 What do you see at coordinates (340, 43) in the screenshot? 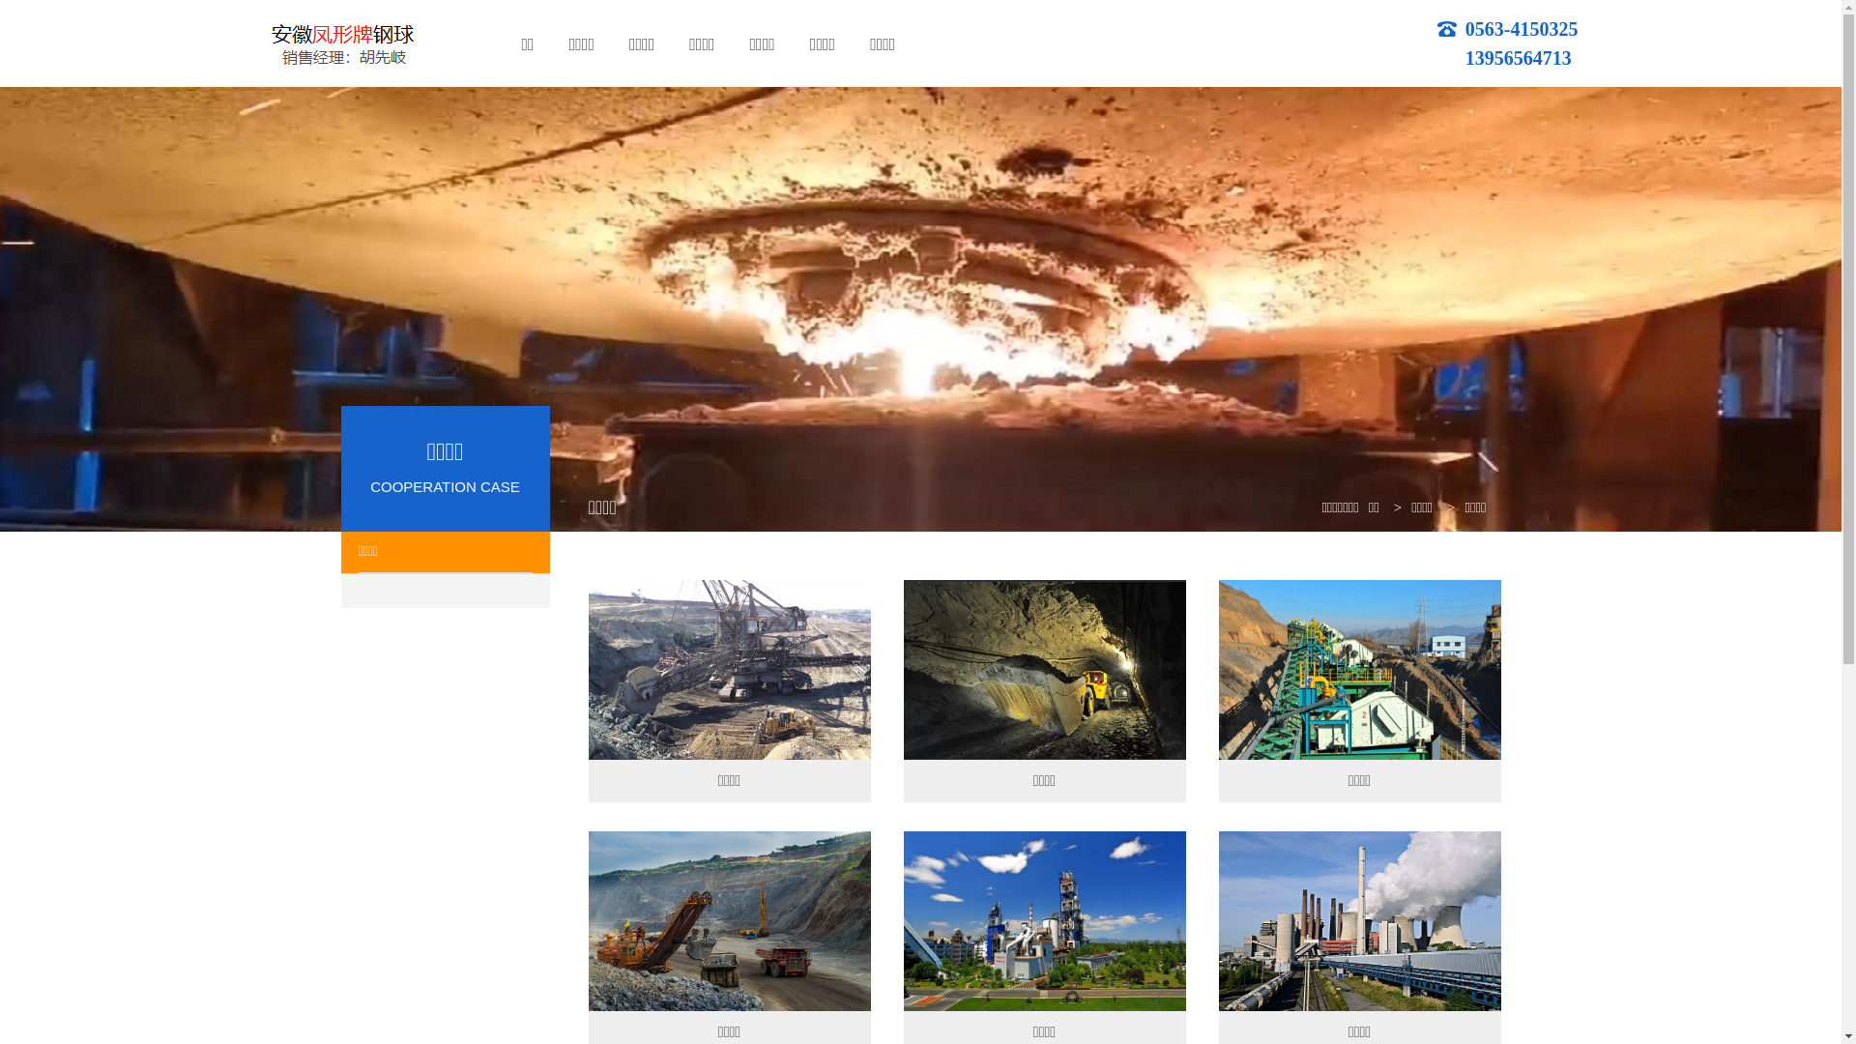
I see `'logo'` at bounding box center [340, 43].